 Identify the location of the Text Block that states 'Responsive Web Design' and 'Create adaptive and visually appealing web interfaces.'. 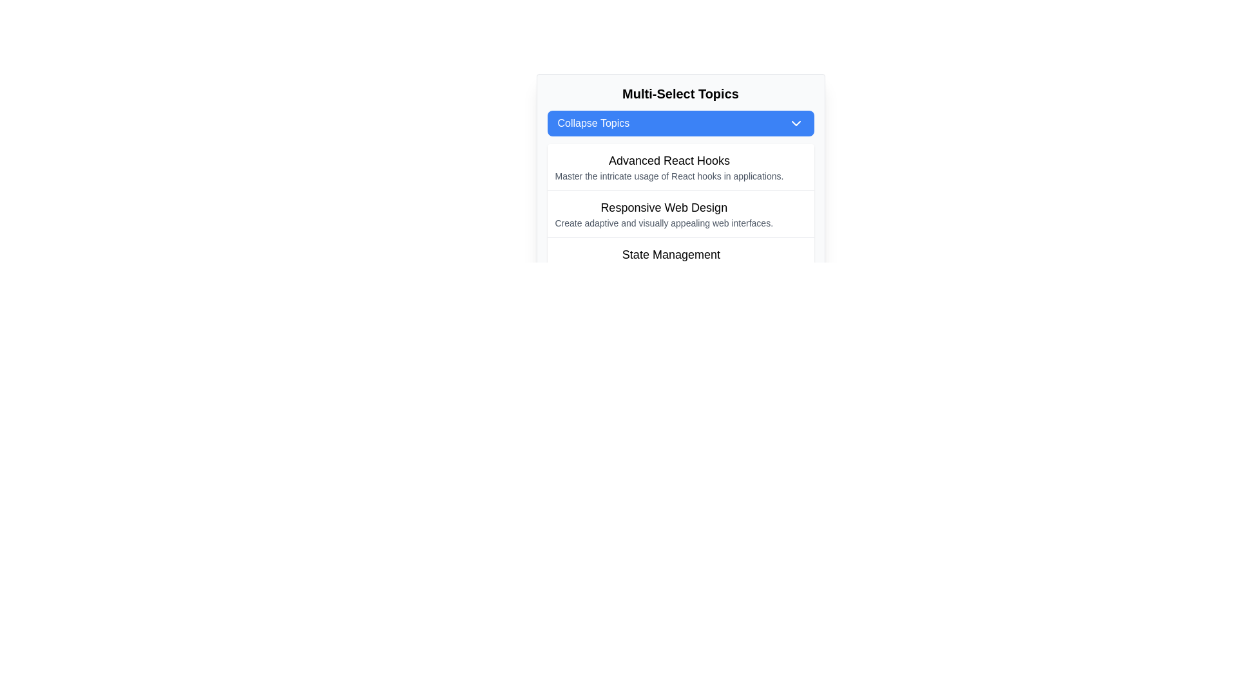
(664, 213).